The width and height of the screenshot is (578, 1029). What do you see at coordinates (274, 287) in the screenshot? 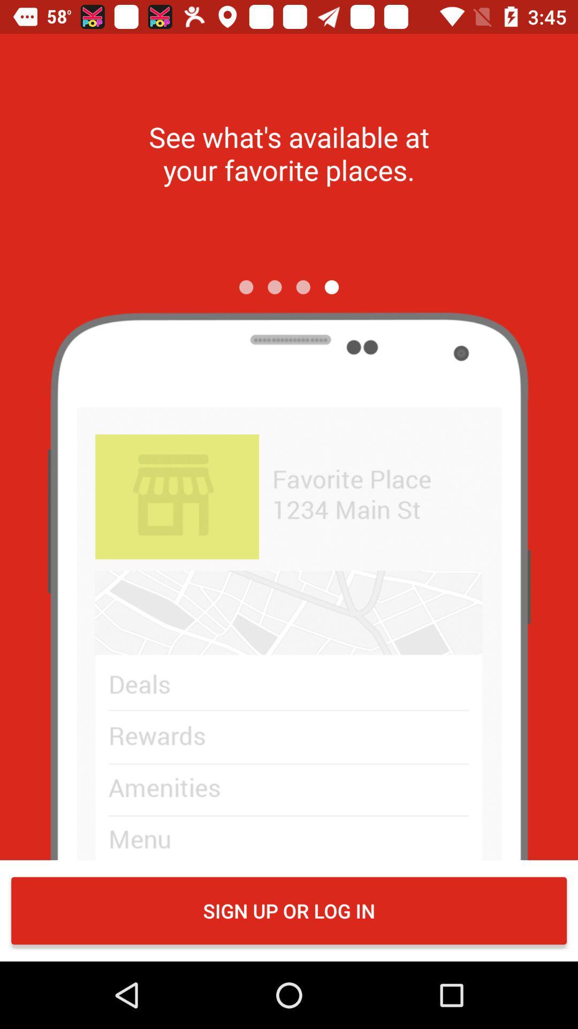
I see `the item below see what s item` at bounding box center [274, 287].